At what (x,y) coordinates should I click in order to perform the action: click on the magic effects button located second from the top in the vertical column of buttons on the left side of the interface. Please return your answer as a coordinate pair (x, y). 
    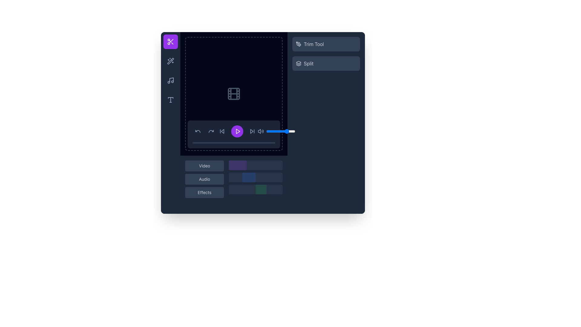
    Looking at the image, I should click on (170, 61).